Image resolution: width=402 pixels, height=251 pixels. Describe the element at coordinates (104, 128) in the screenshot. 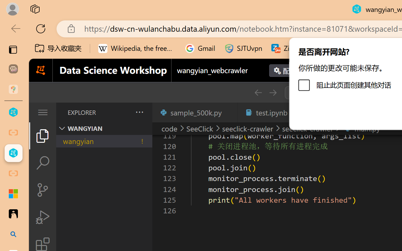

I see `'Explorer Section: wangyian'` at that location.